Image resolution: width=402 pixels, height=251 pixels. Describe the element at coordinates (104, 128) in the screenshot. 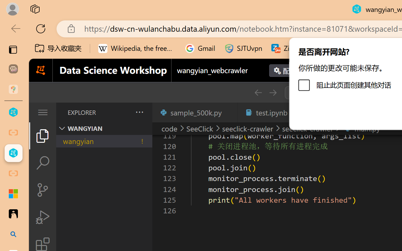

I see `'Explorer Section: wangyian'` at that location.